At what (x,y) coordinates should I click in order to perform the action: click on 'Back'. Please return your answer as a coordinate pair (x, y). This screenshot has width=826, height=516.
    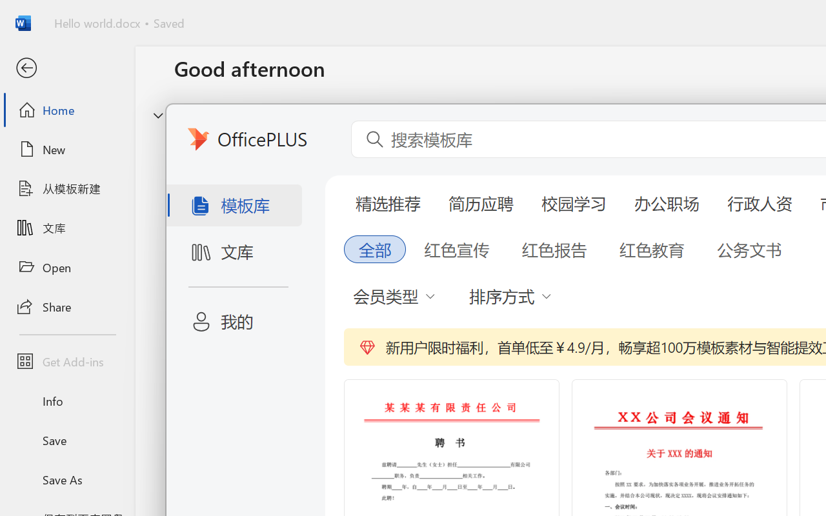
    Looking at the image, I should click on (66, 68).